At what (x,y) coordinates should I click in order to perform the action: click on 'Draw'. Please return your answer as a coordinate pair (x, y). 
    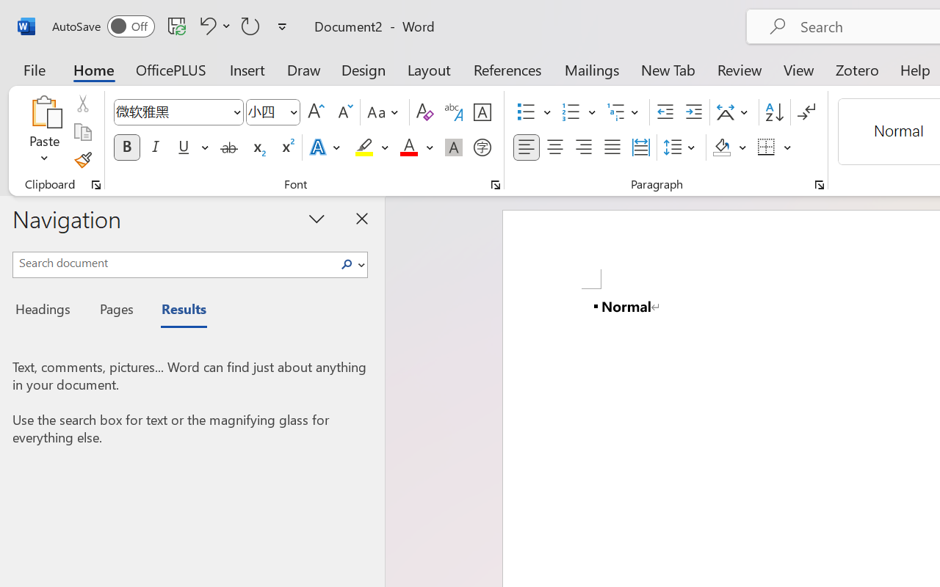
    Looking at the image, I should click on (303, 69).